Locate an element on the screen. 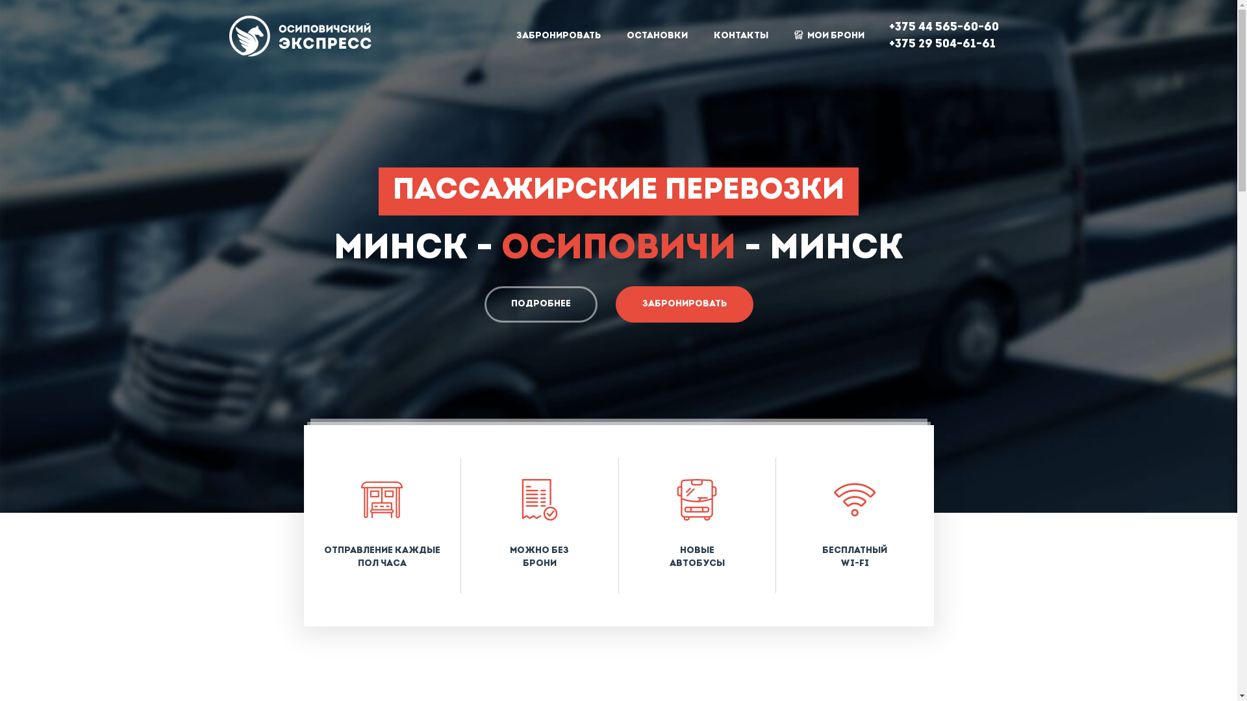 Image resolution: width=1247 pixels, height=701 pixels. '+375 44 565-60-60' is located at coordinates (943, 27).